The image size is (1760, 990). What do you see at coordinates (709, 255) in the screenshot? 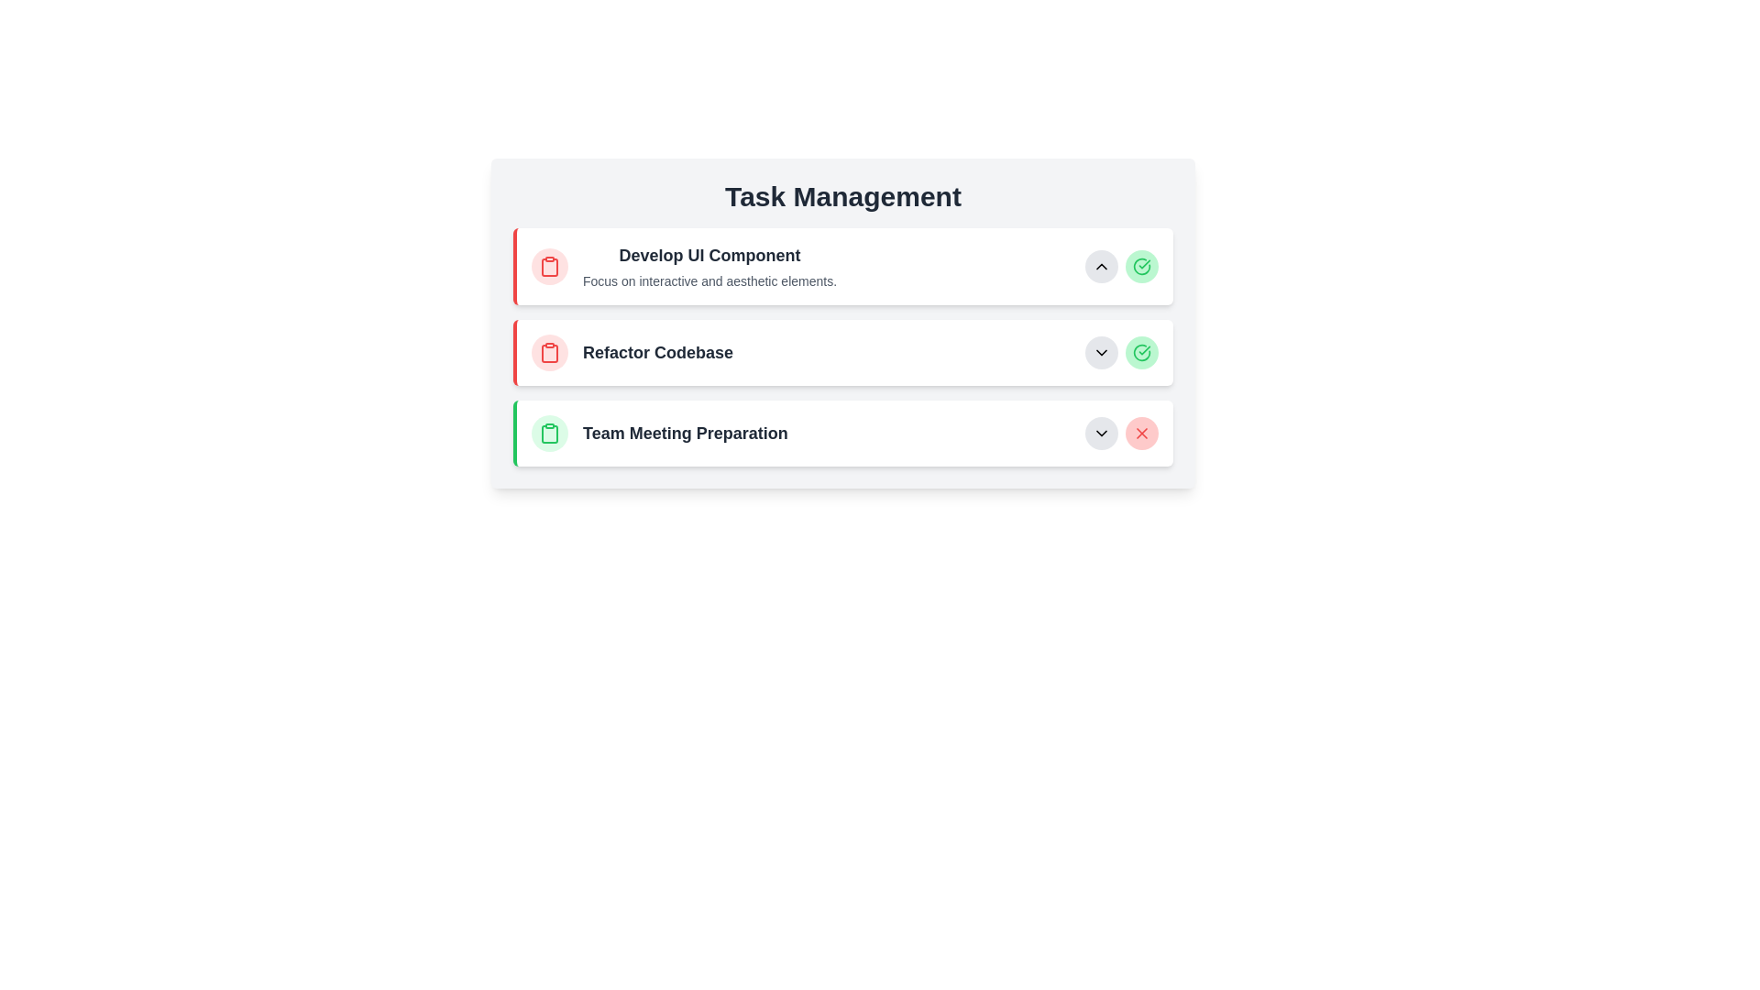
I see `the text label 'Develop UI Component'` at bounding box center [709, 255].